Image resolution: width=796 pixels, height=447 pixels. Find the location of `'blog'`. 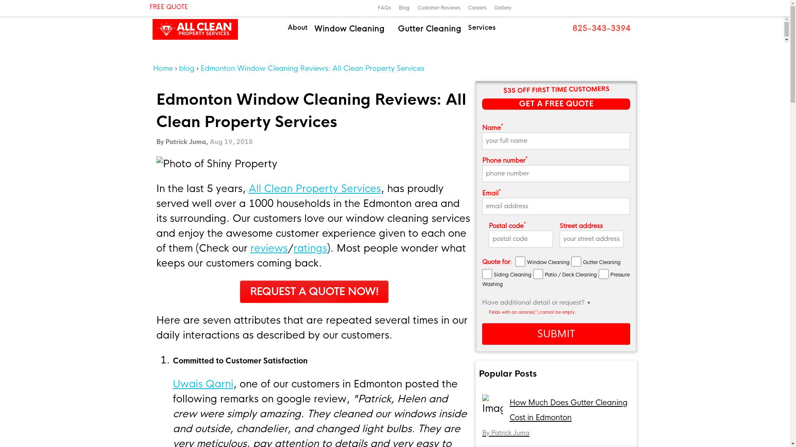

'blog' is located at coordinates (187, 68).